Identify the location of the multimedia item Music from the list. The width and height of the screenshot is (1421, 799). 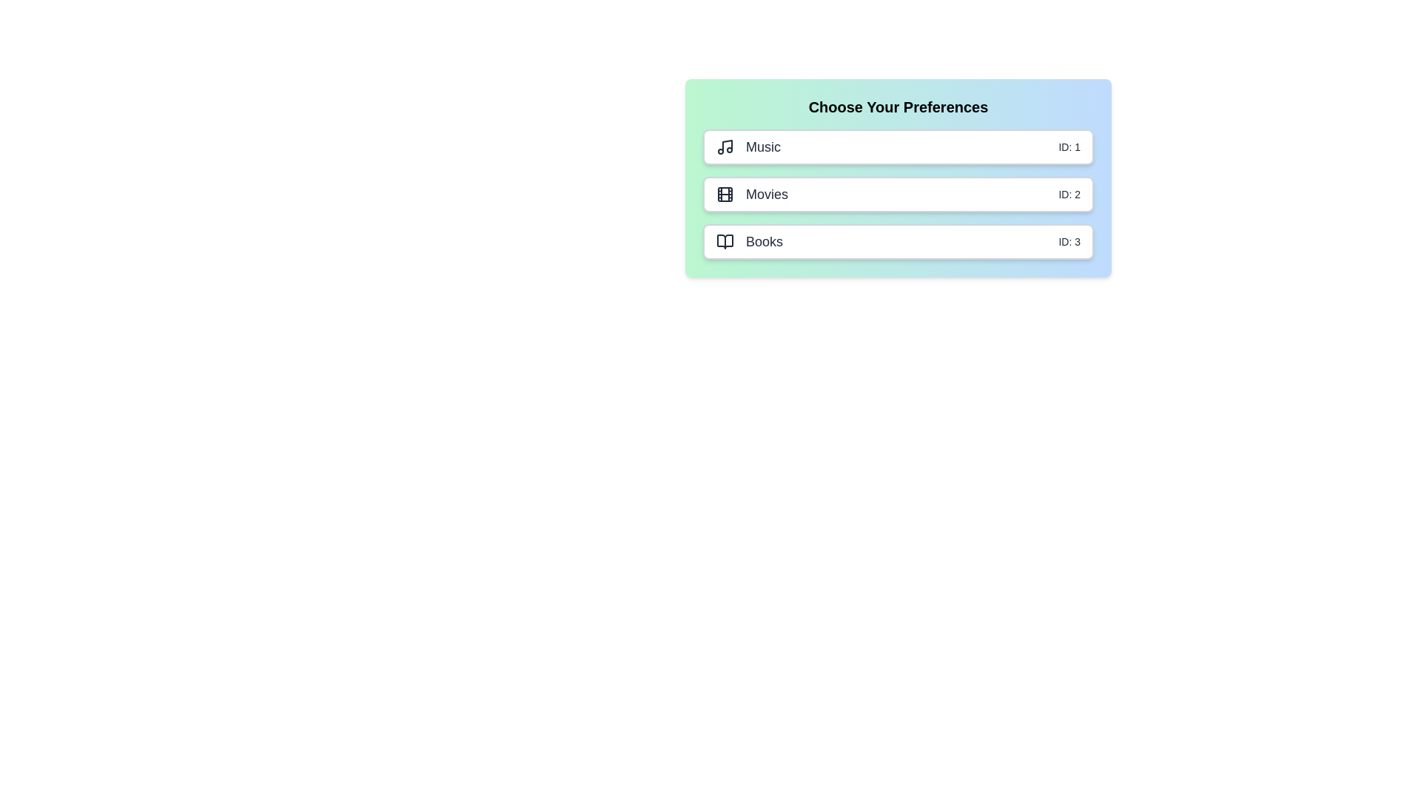
(898, 147).